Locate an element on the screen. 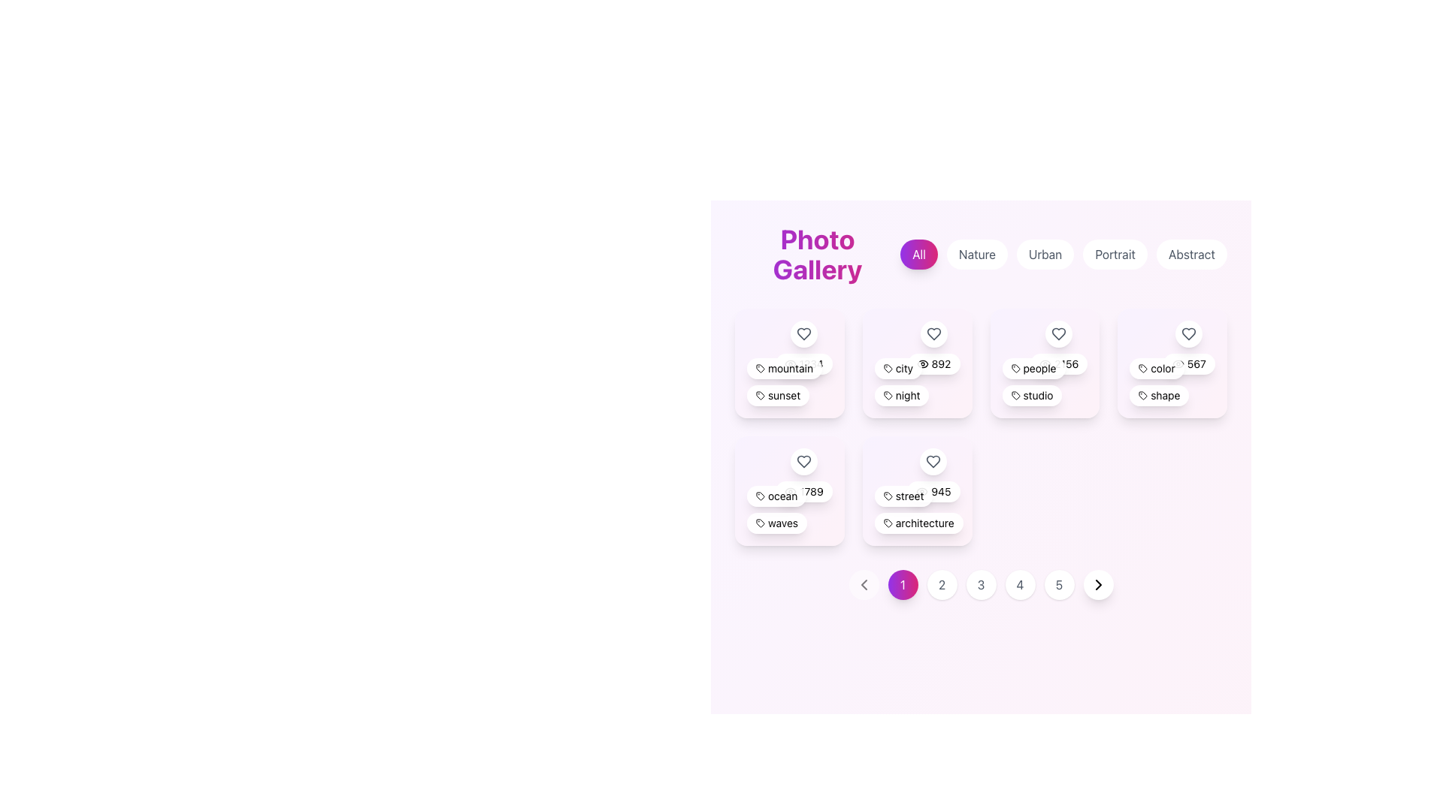 This screenshot has height=811, width=1443. the small tag-shaped icon located immediately before the word 'architecture' in the labeled interface component is located at coordinates (888, 522).